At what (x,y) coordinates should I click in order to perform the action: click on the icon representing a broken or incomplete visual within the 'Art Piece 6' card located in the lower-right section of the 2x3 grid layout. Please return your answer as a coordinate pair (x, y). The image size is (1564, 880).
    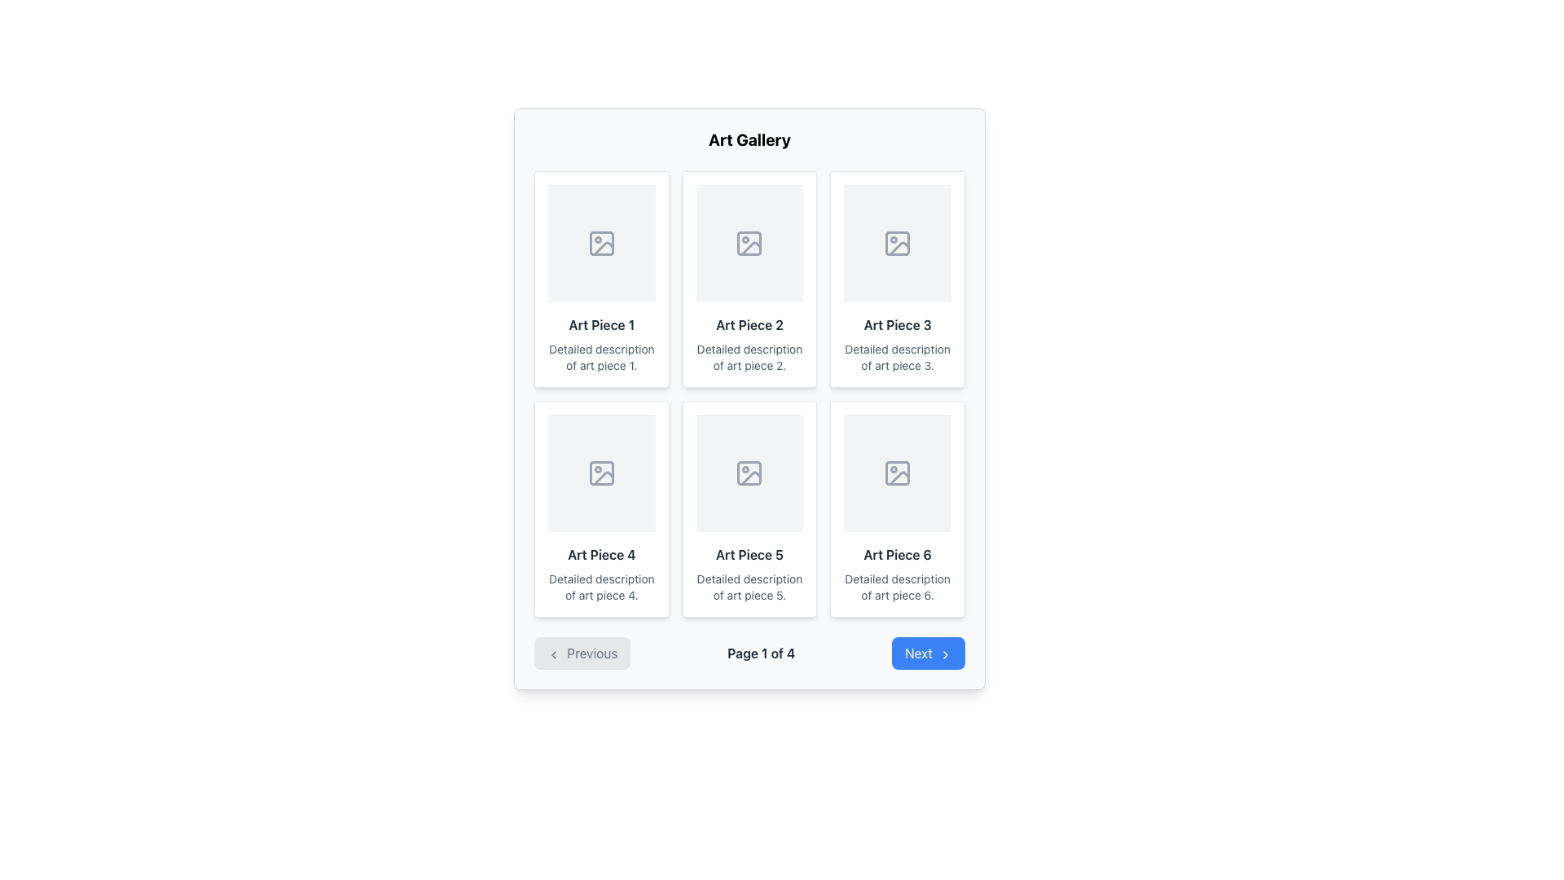
    Looking at the image, I should click on (898, 477).